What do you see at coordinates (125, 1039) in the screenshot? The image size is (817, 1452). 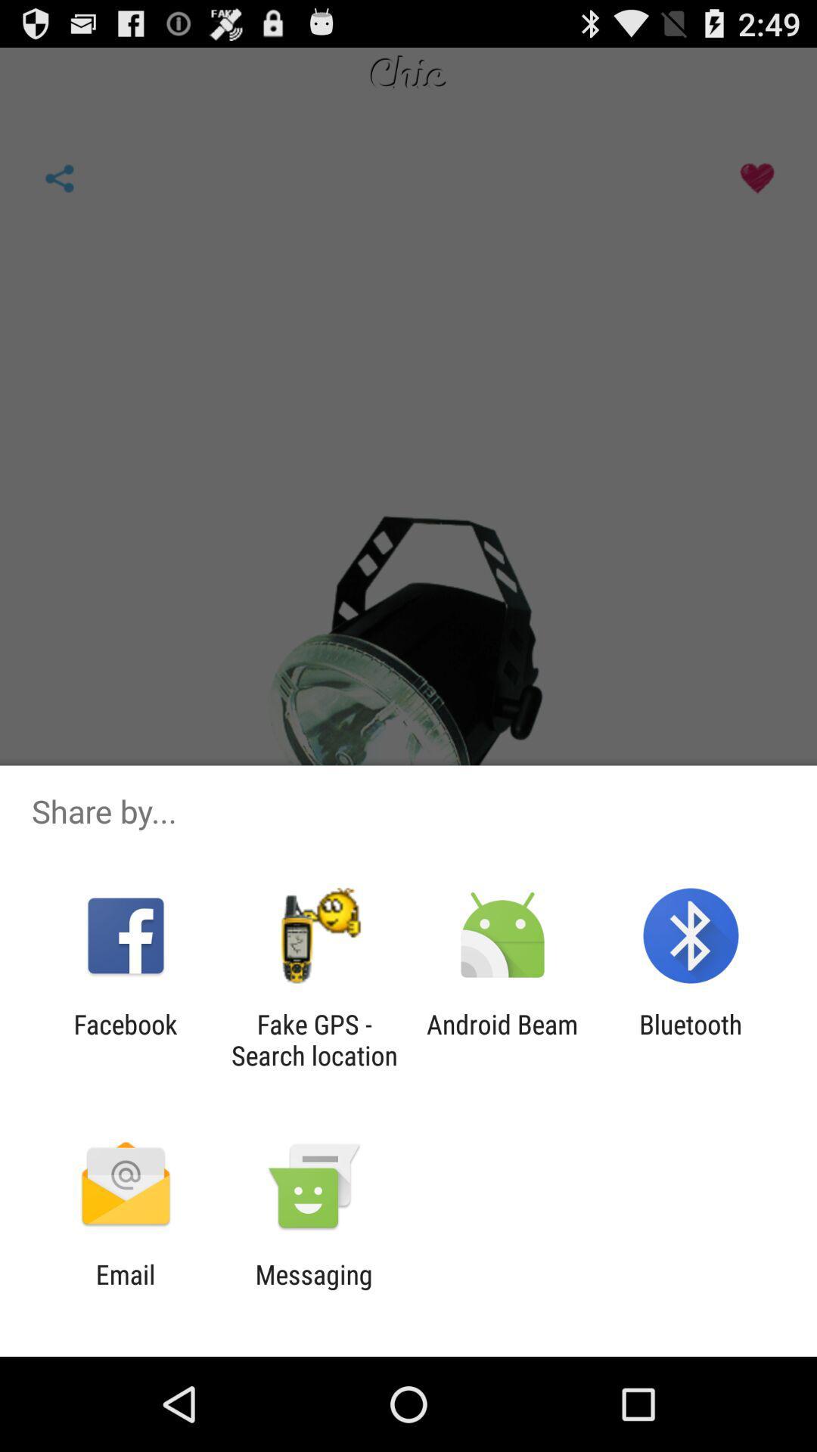 I see `app next to the fake gps search icon` at bounding box center [125, 1039].